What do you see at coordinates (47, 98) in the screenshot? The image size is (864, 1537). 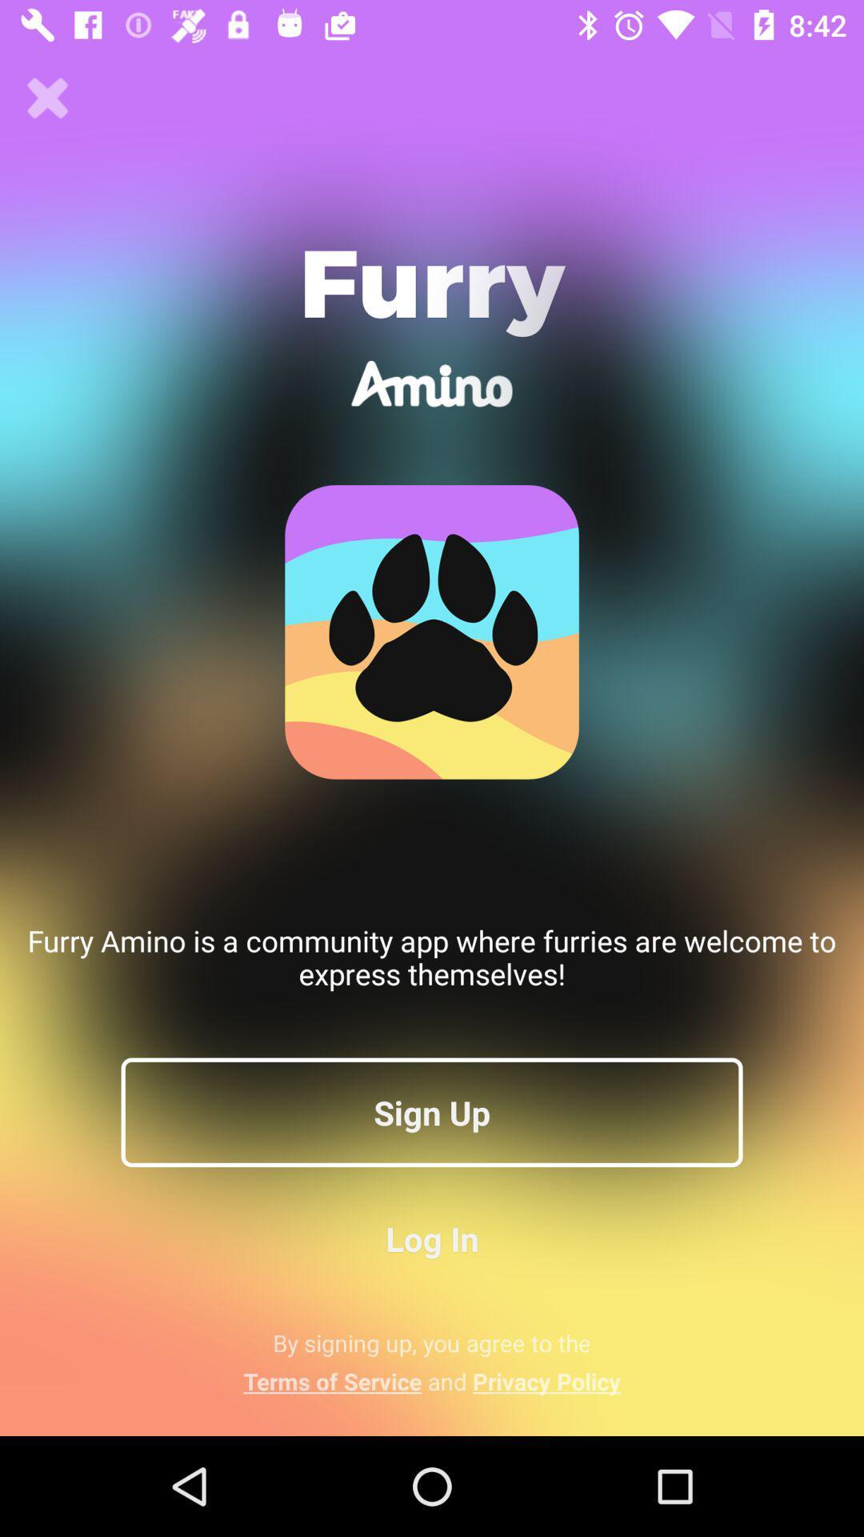 I see `the close icon` at bounding box center [47, 98].